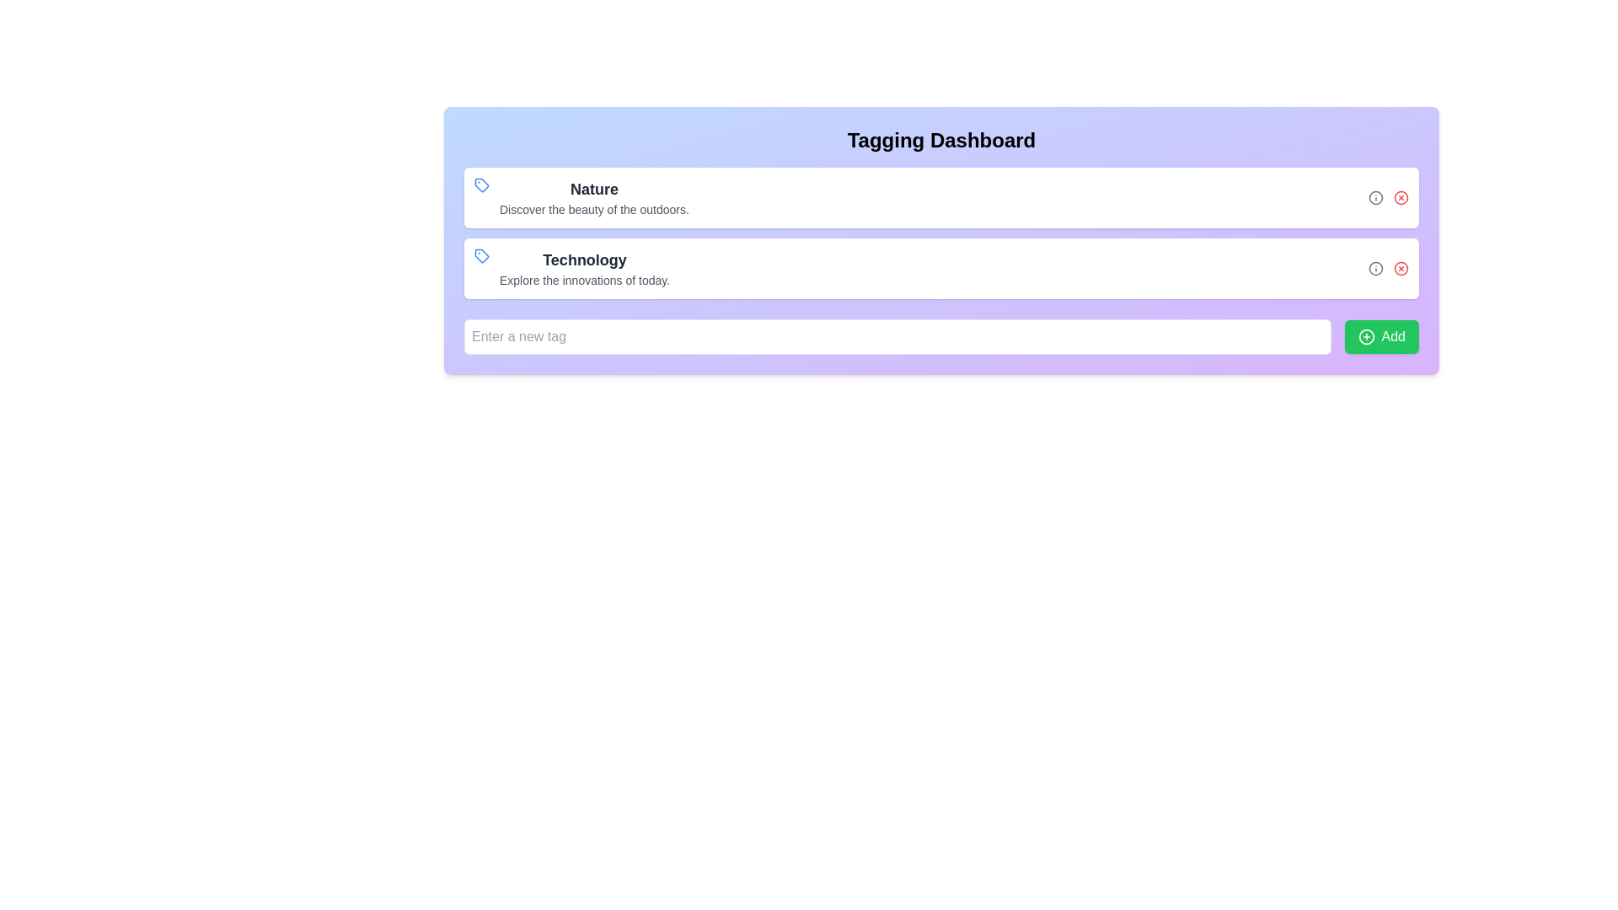  I want to click on the 'Technology' label which is styled in bold and contains the subtitle 'Explore the innovations of today', so click(585, 268).